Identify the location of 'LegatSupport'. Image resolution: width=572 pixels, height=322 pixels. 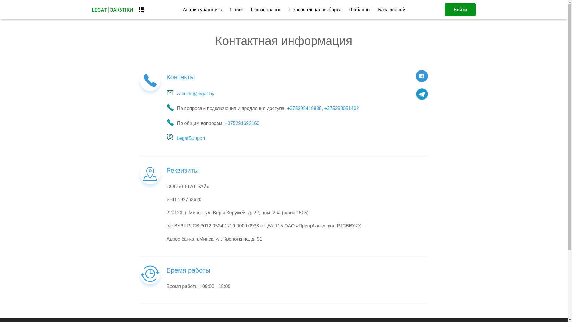
(166, 138).